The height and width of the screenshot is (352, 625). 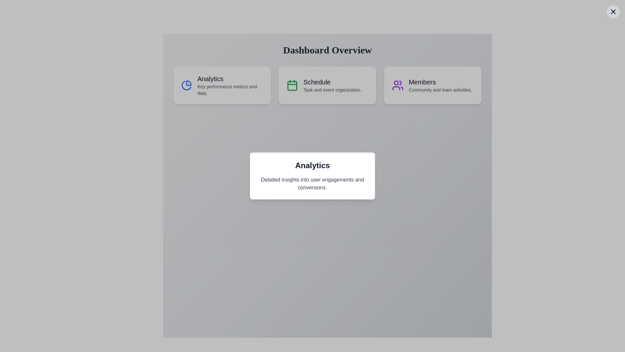 I want to click on the descriptive text element located beneath the 'Schedule' title, which clarifies the purpose of the 'Schedule' section, so click(x=332, y=90).